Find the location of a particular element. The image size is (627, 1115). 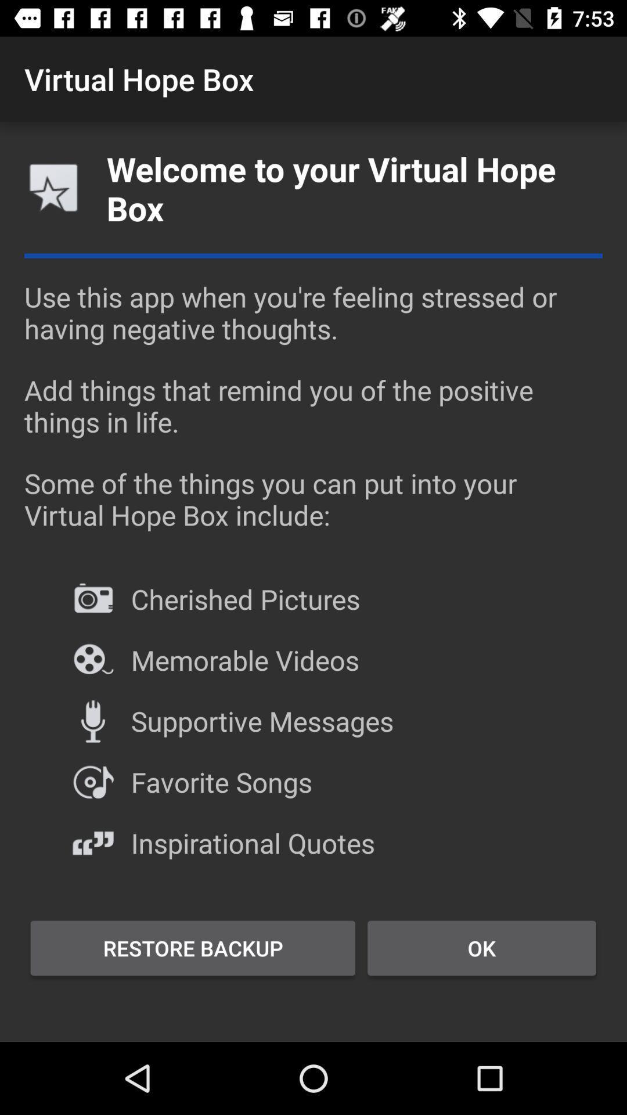

the ok icon is located at coordinates (481, 948).